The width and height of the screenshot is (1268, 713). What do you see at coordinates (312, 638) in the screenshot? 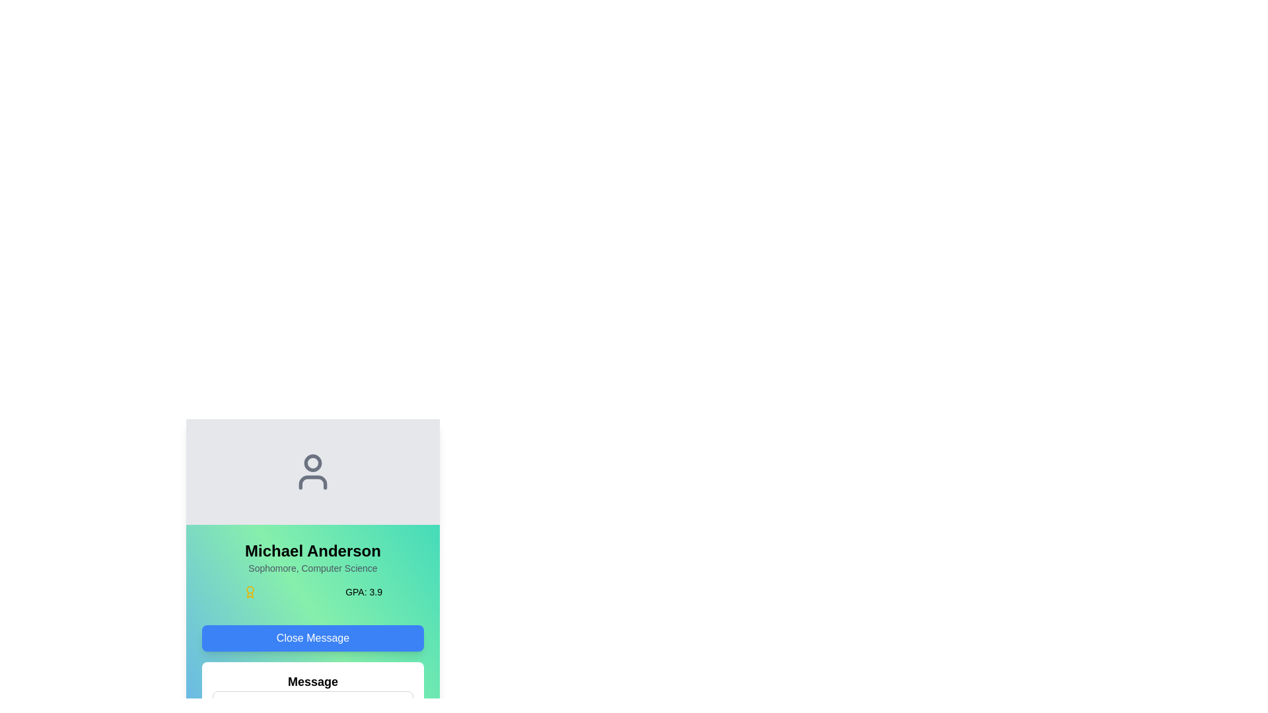
I see `the close button located centrally above the message panel` at bounding box center [312, 638].